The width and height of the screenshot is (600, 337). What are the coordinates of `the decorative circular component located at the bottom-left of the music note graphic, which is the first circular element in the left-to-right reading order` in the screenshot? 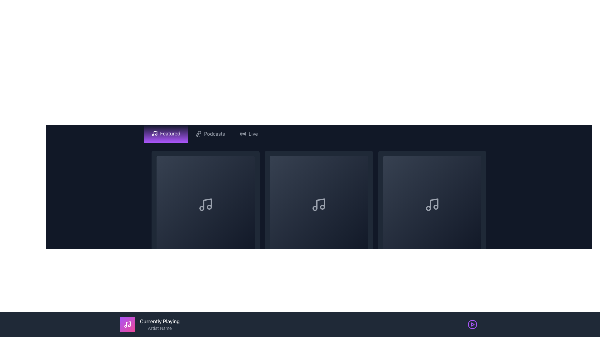 It's located at (202, 208).